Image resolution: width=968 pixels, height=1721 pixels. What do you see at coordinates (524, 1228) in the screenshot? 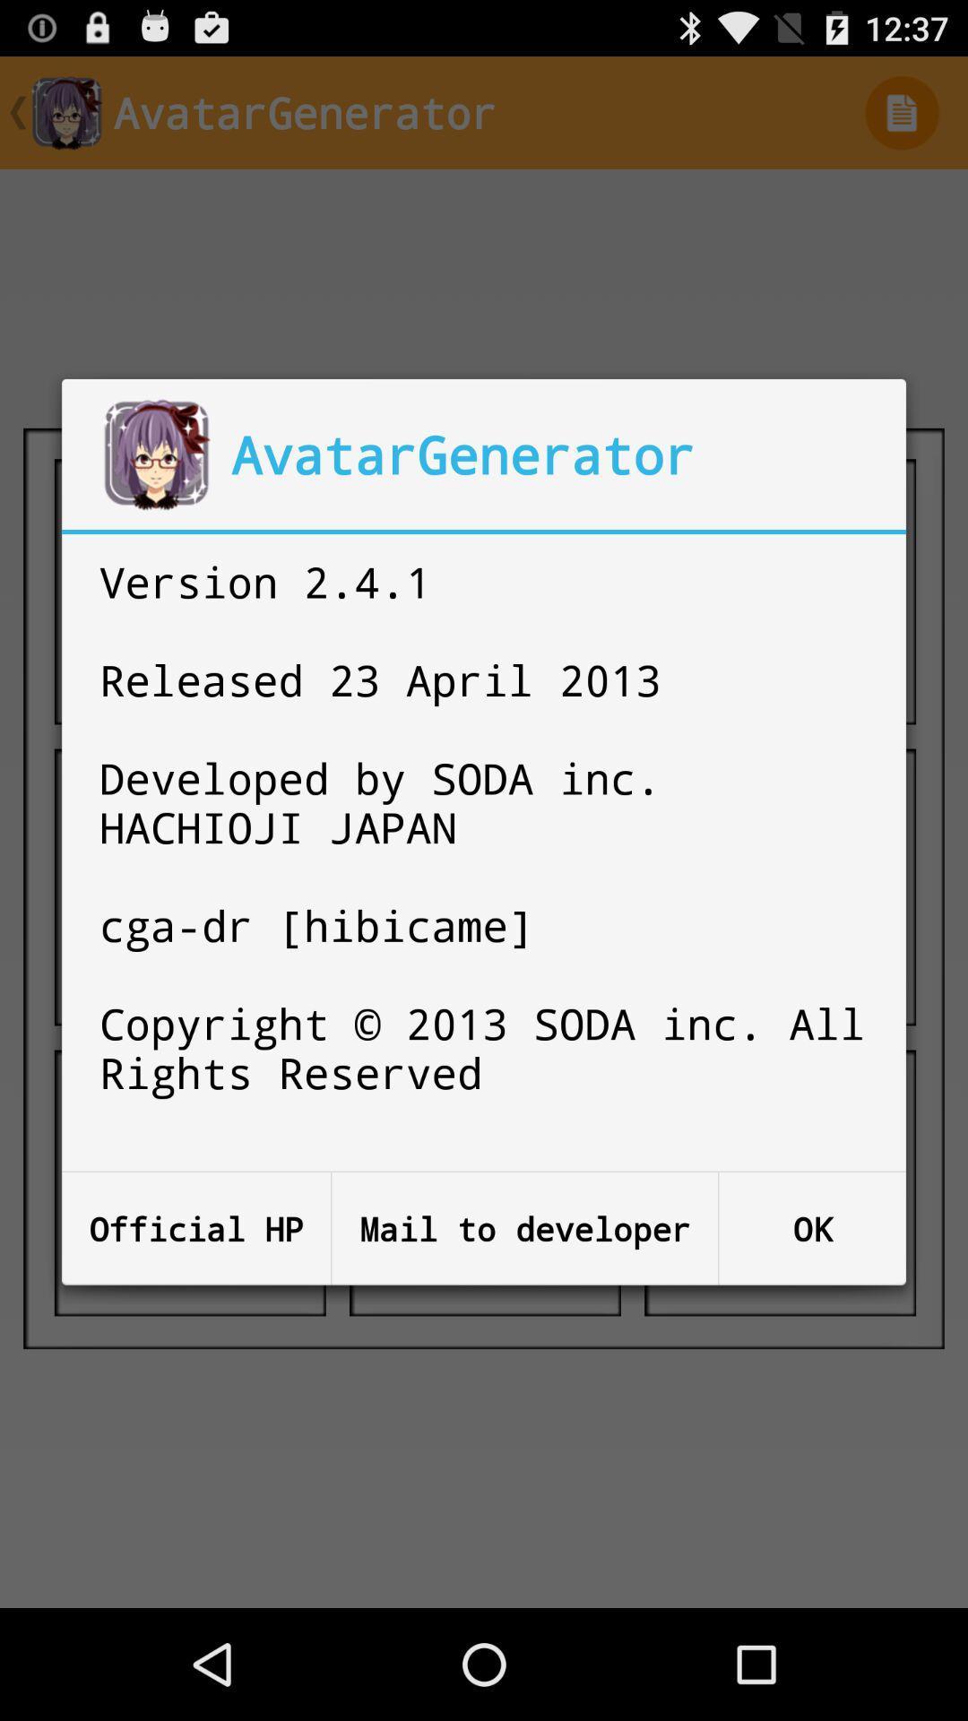
I see `the mail to developer button` at bounding box center [524, 1228].